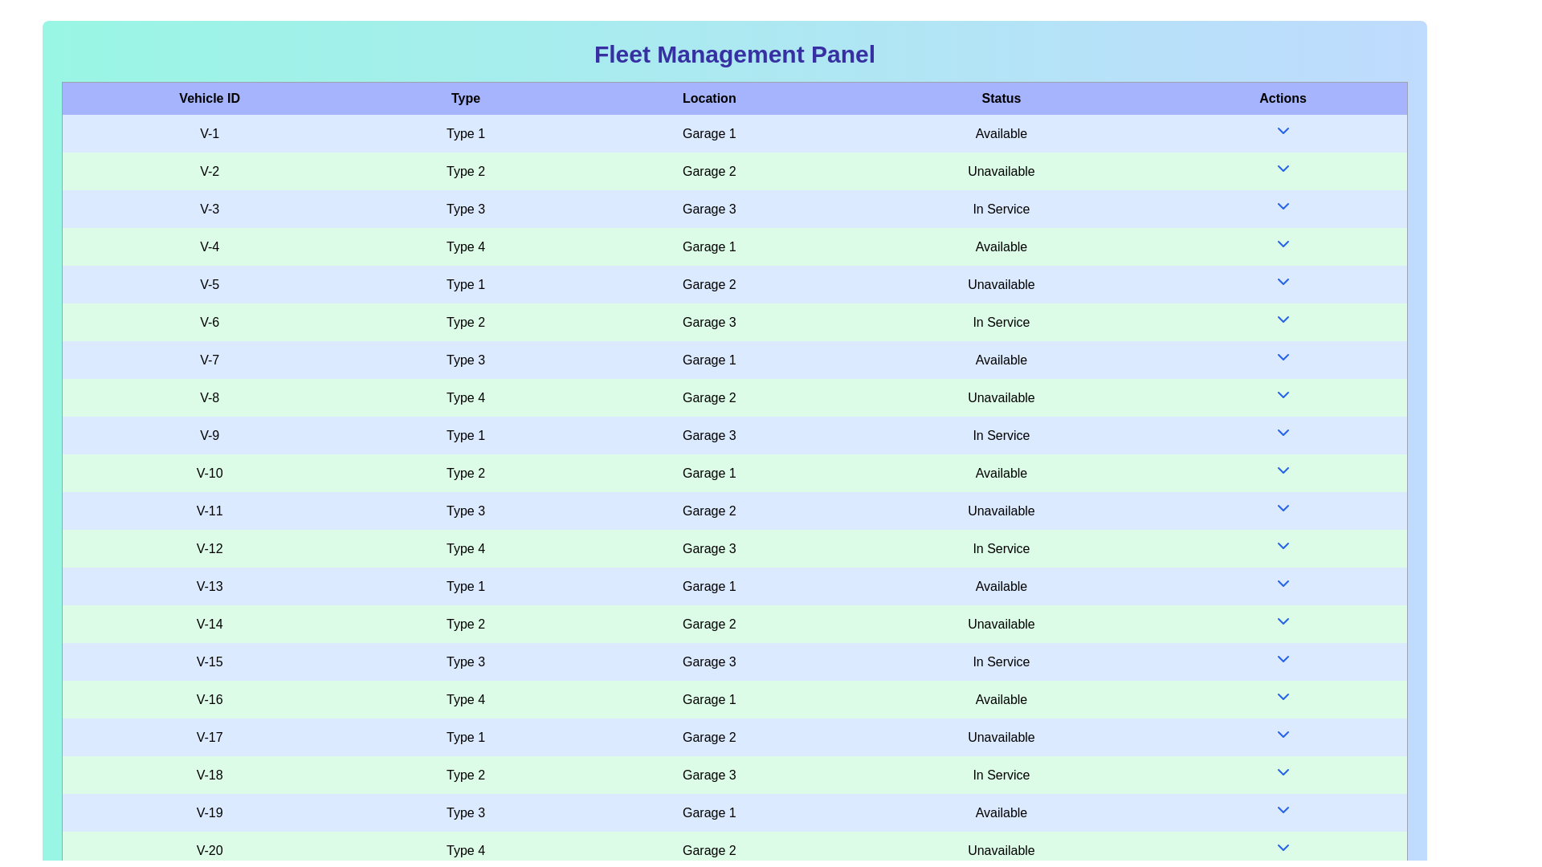 The height and width of the screenshot is (867, 1542). I want to click on the column header 'Status' to sort the table by that column, so click(1000, 98).